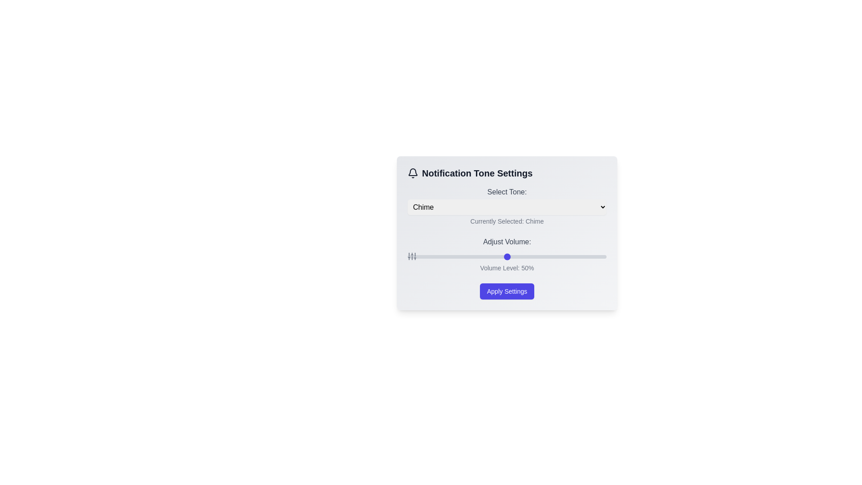 The width and height of the screenshot is (862, 485). Describe the element at coordinates (594, 256) in the screenshot. I see `the volume` at that location.